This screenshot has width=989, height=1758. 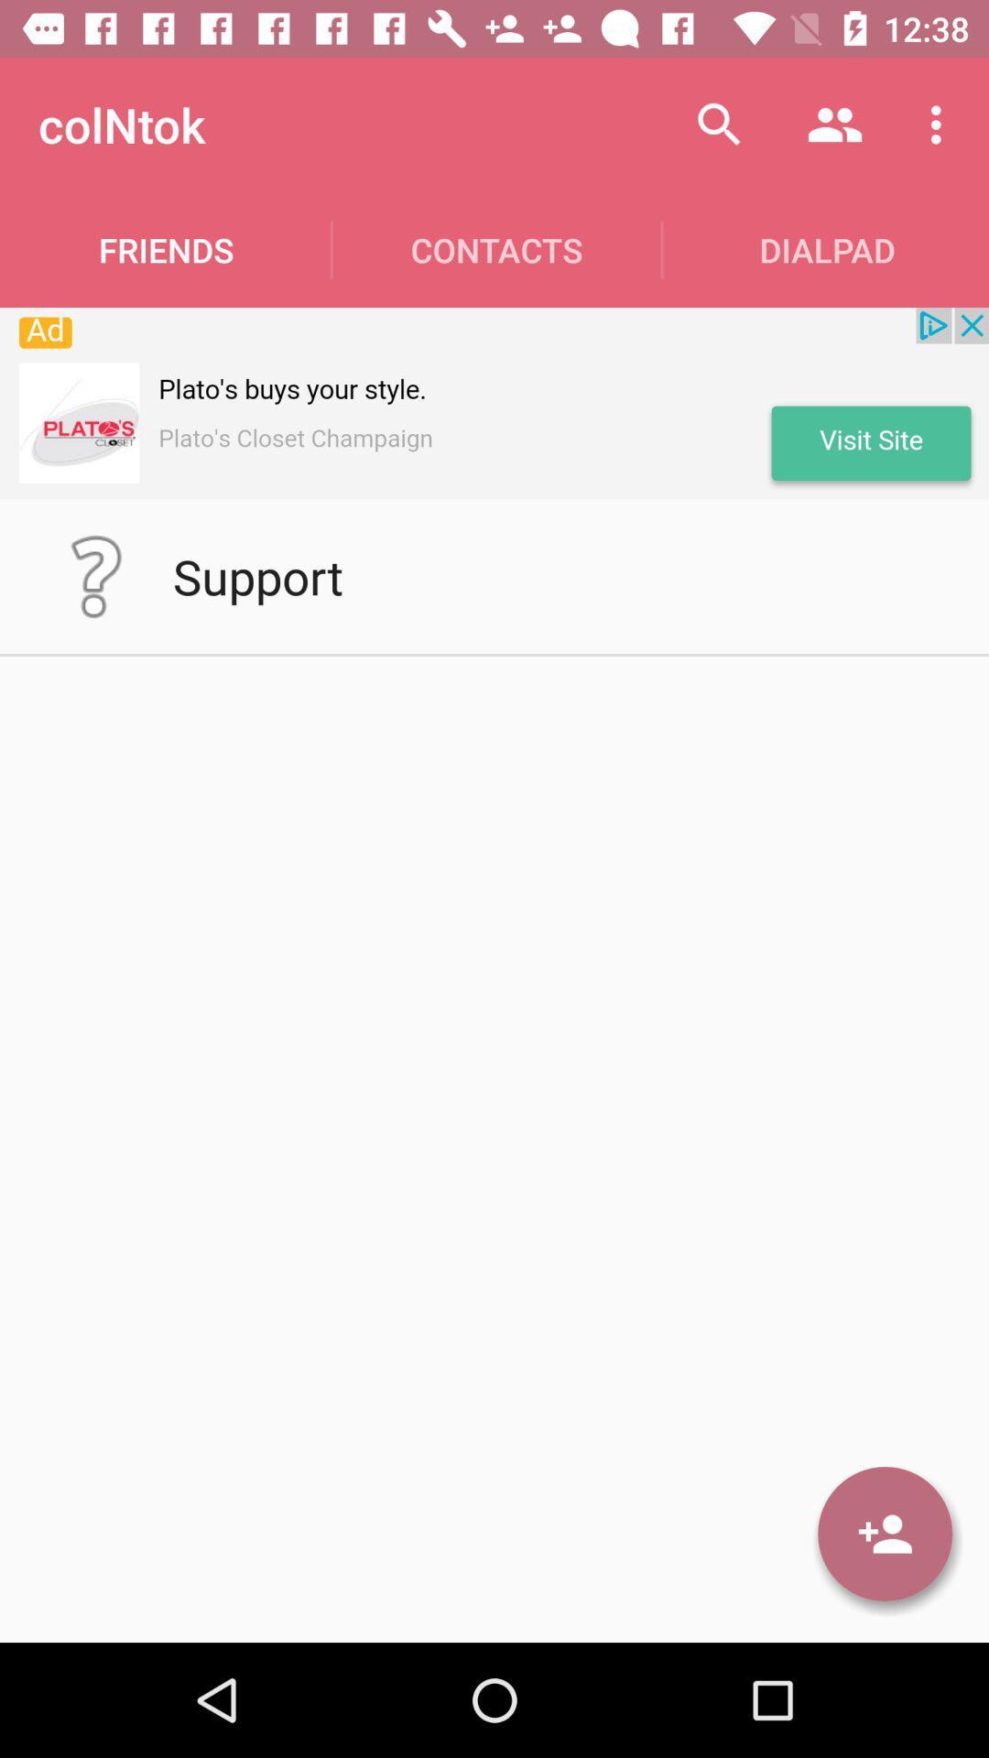 I want to click on advertisement, so click(x=494, y=403).